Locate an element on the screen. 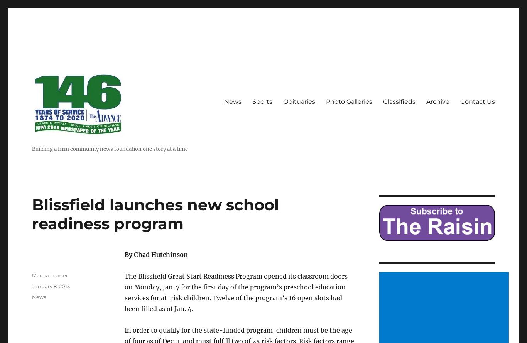 The image size is (527, 343). 'Archive' is located at coordinates (437, 101).